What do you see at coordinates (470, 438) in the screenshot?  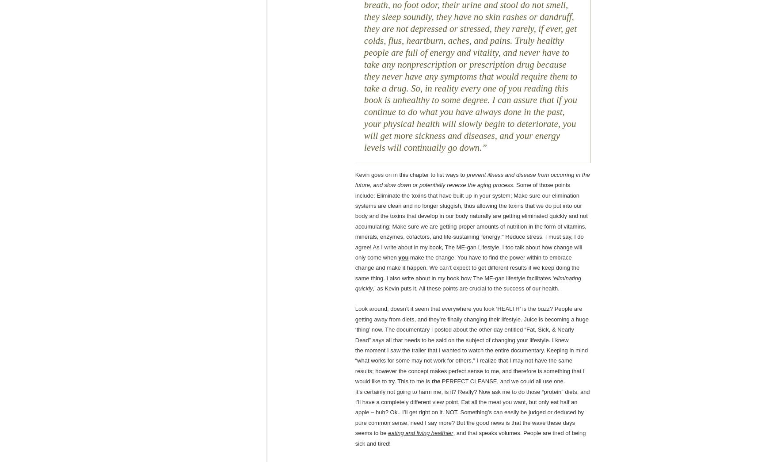 I see `', and that speaks volumes. People are tired of being sick and tired!'` at bounding box center [470, 438].